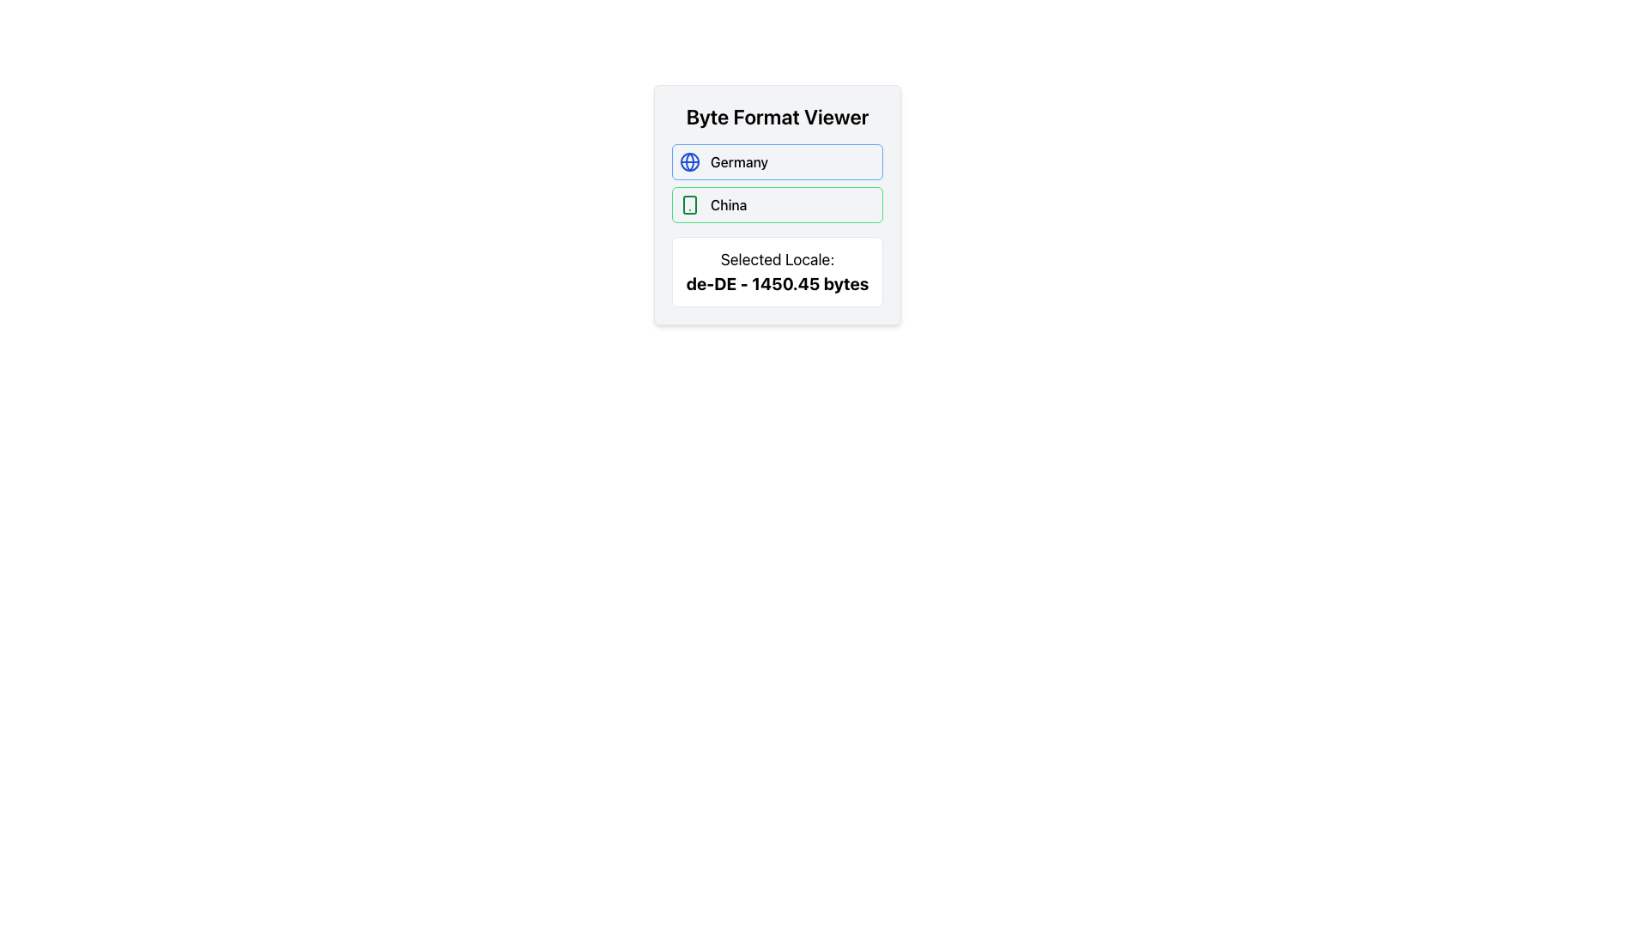 The height and width of the screenshot is (927, 1648). Describe the element at coordinates (690, 162) in the screenshot. I see `the inner circle of the globe icon that is adjacent to the 'Germany' text in the horizontal selection menu` at that location.